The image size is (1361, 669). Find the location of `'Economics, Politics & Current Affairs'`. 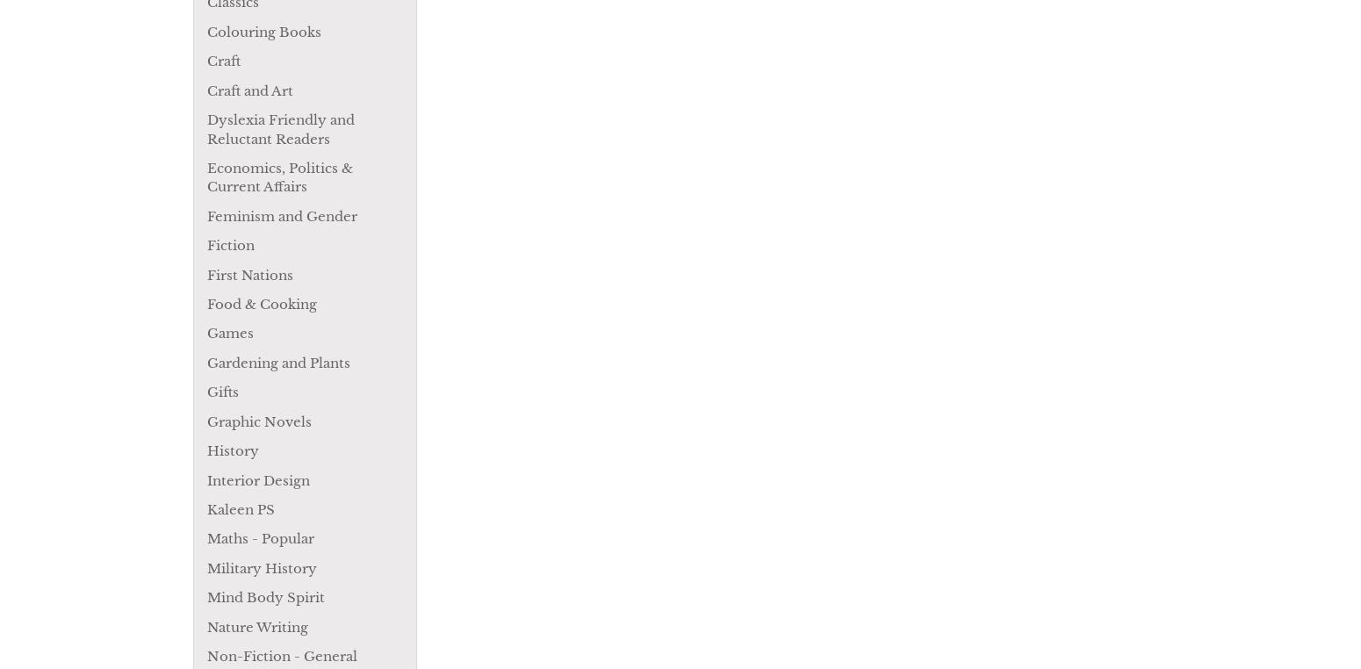

'Economics, Politics & Current Affairs' is located at coordinates (278, 176).